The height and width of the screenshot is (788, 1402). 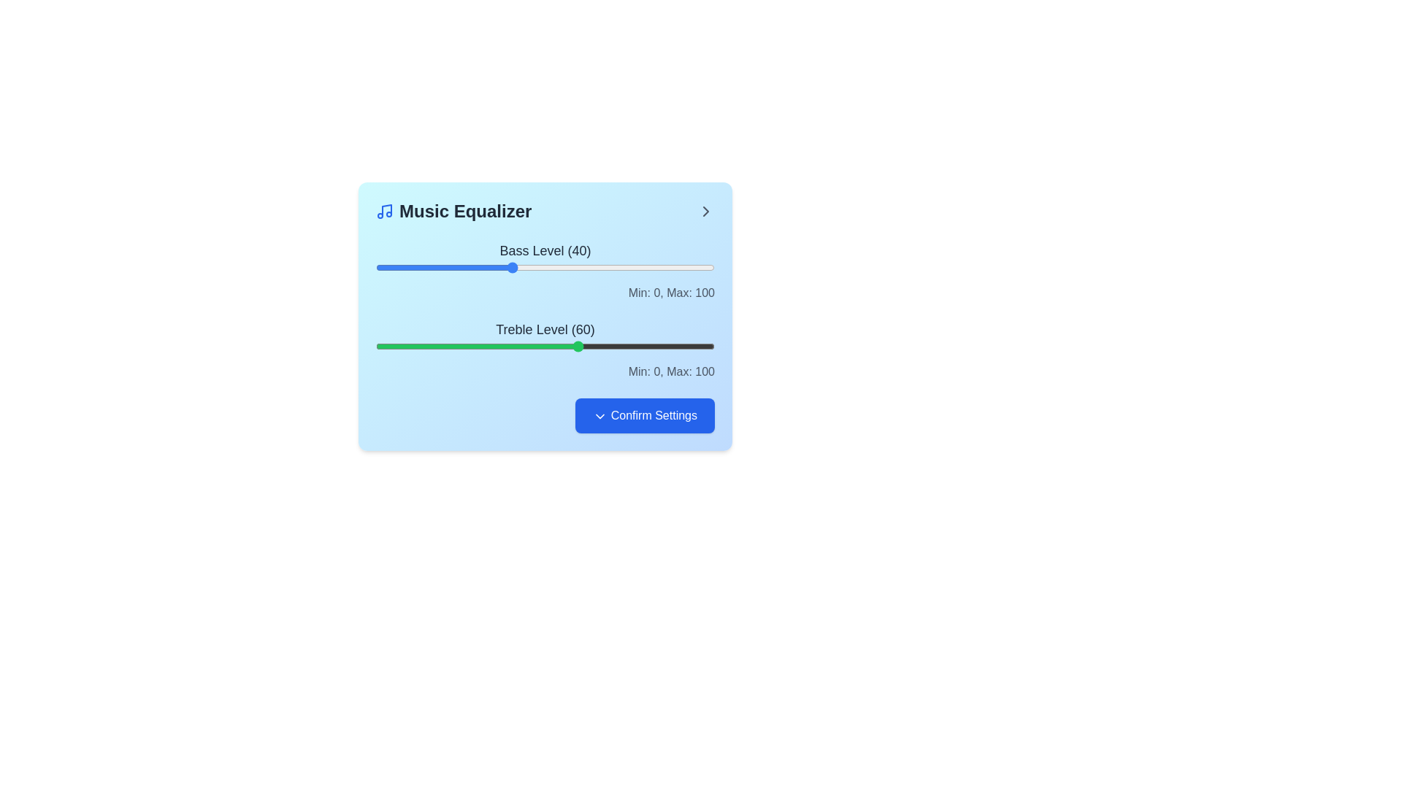 I want to click on the Bass Level slider, so click(x=450, y=267).